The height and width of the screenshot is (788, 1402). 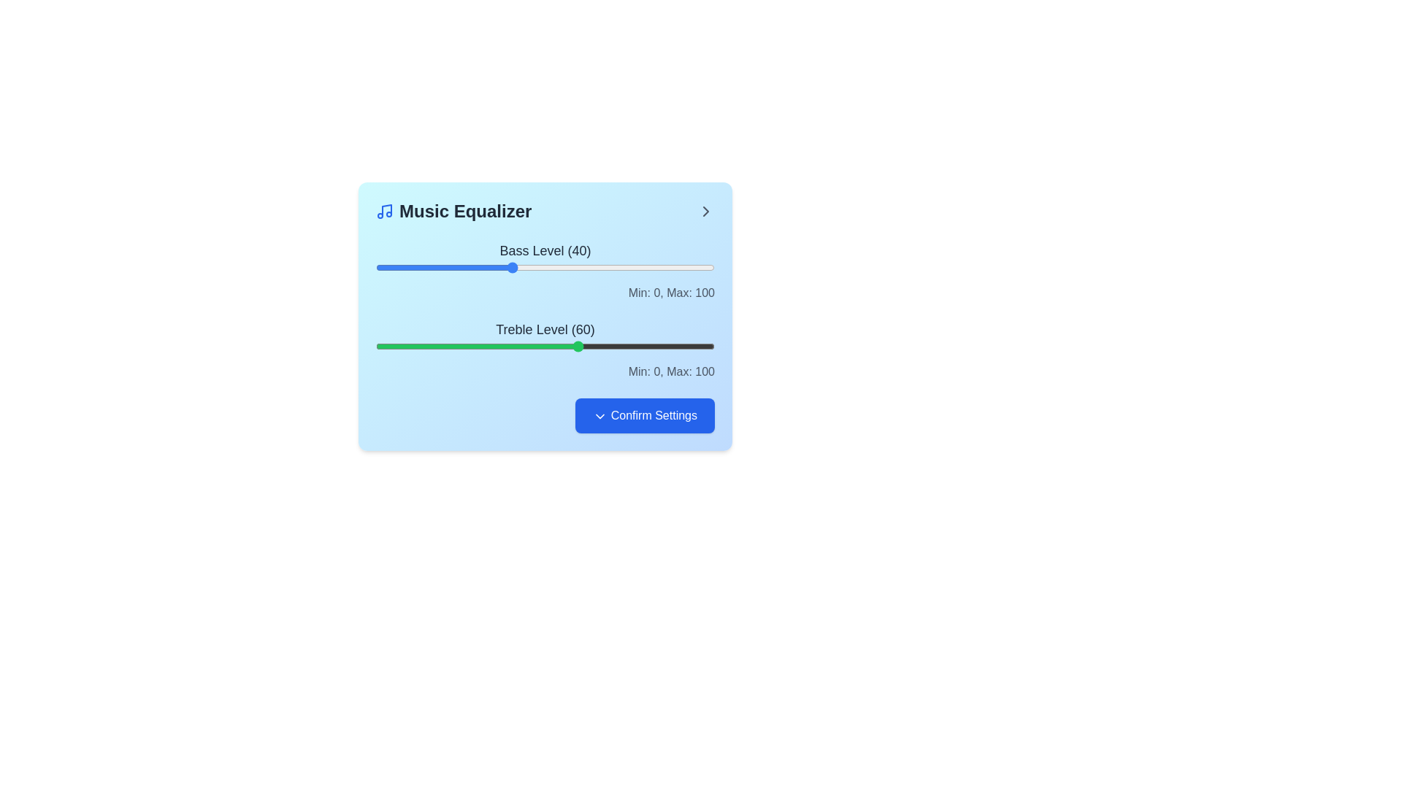 I want to click on the Bass Level slider, so click(x=450, y=267).